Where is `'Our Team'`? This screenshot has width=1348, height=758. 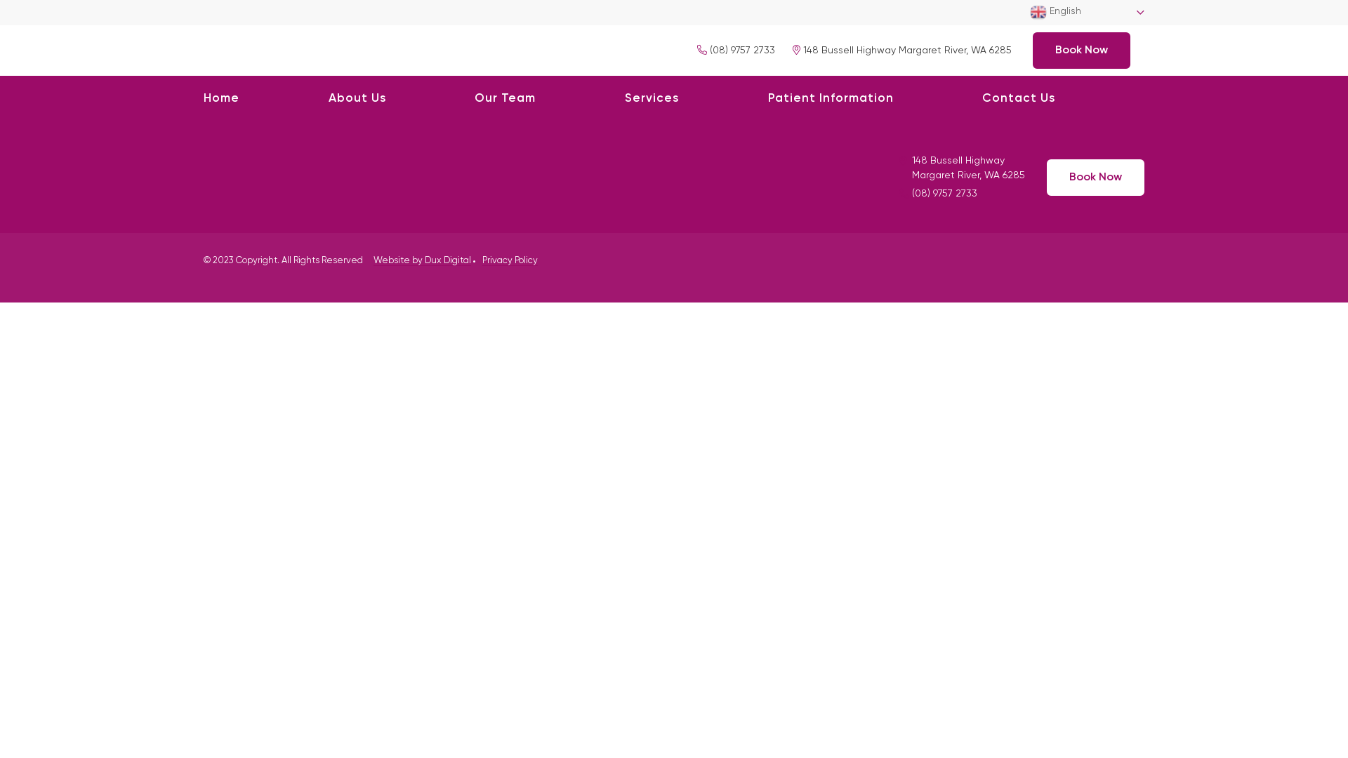
'Our Team' is located at coordinates (475, 98).